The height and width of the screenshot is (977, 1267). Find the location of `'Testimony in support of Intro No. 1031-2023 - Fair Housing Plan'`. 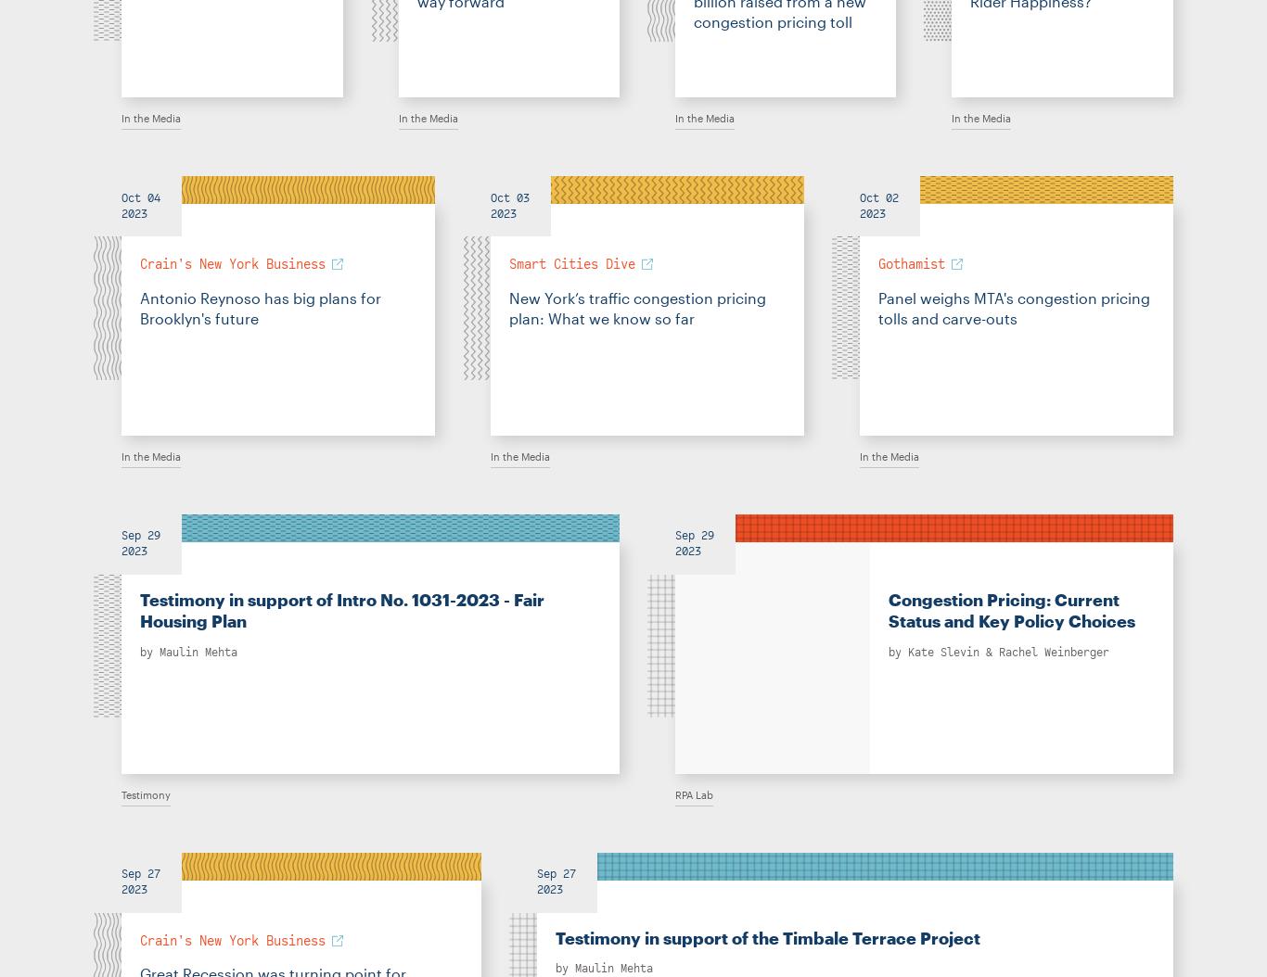

'Testimony in support of Intro No. 1031-2023 - Fair Housing Plan' is located at coordinates (340, 610).